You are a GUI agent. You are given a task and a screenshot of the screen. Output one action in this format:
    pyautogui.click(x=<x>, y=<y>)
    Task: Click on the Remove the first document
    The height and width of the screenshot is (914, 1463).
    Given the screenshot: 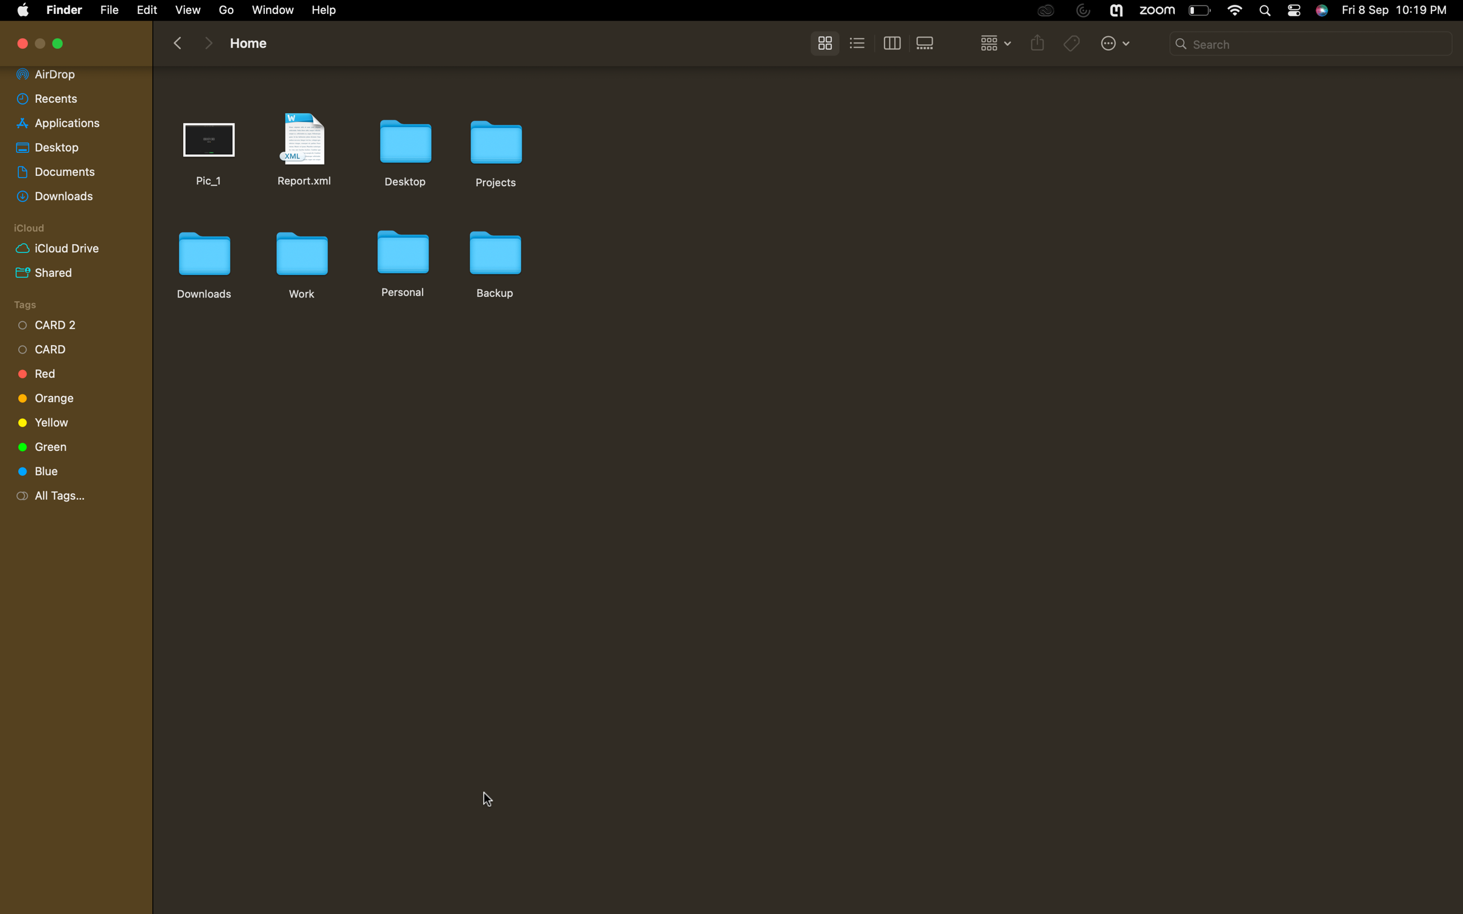 What is the action you would take?
    pyautogui.click(x=211, y=148)
    